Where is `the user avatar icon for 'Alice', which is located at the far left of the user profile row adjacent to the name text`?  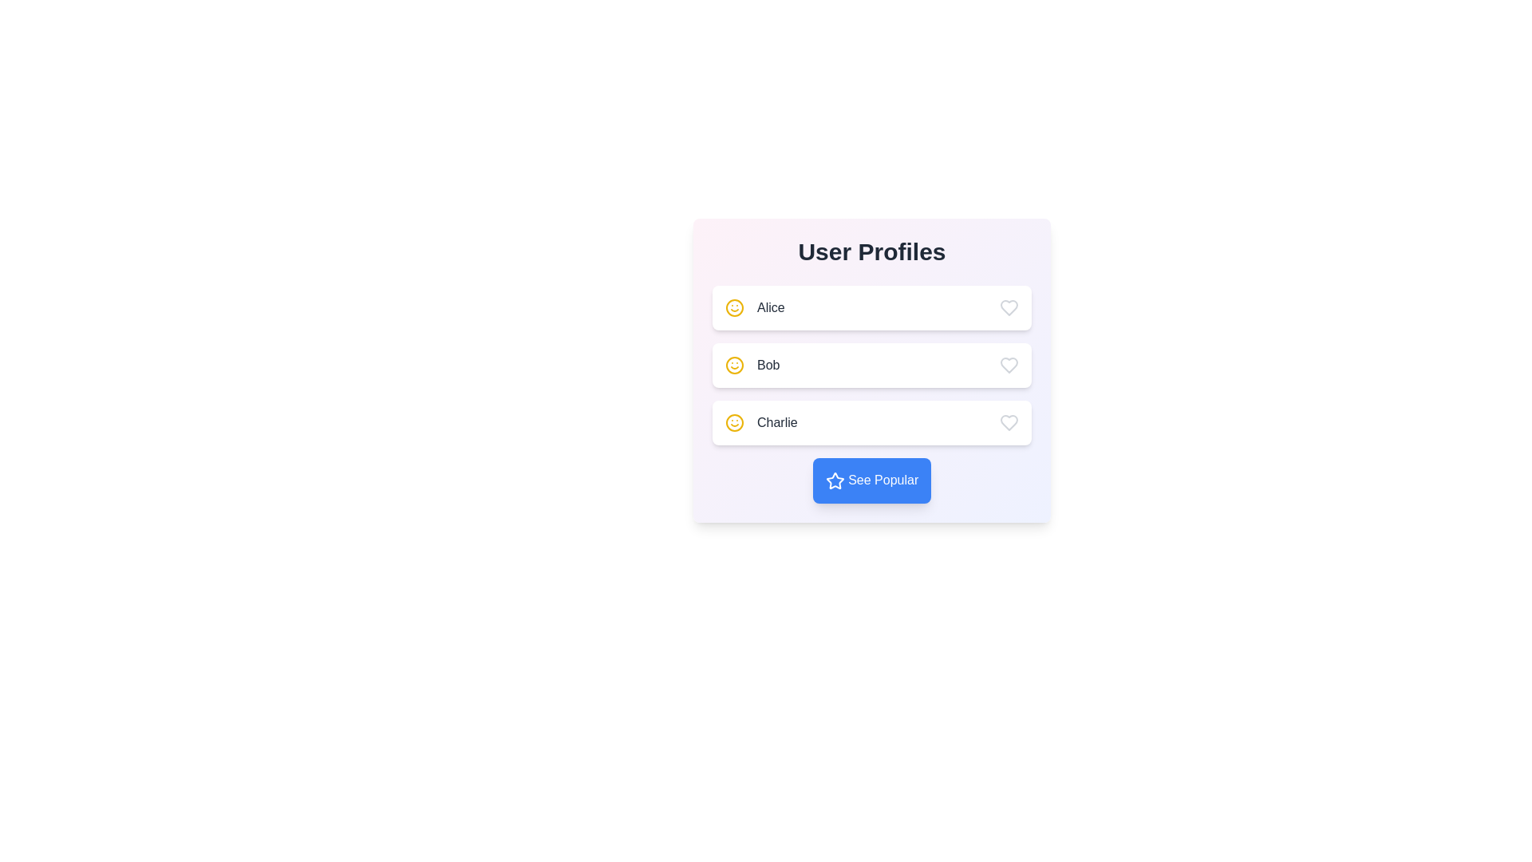 the user avatar icon for 'Alice', which is located at the far left of the user profile row adjacent to the name text is located at coordinates (734, 307).